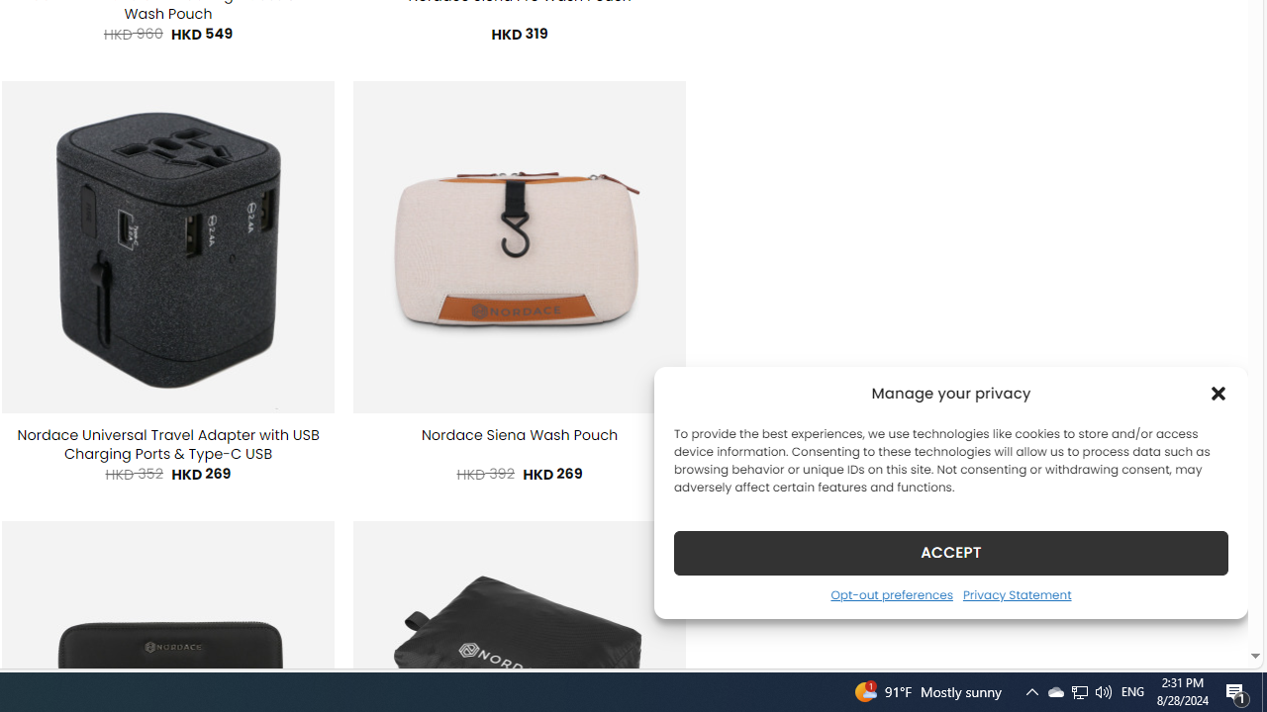 Image resolution: width=1267 pixels, height=712 pixels. I want to click on 'ACCEPT', so click(951, 552).